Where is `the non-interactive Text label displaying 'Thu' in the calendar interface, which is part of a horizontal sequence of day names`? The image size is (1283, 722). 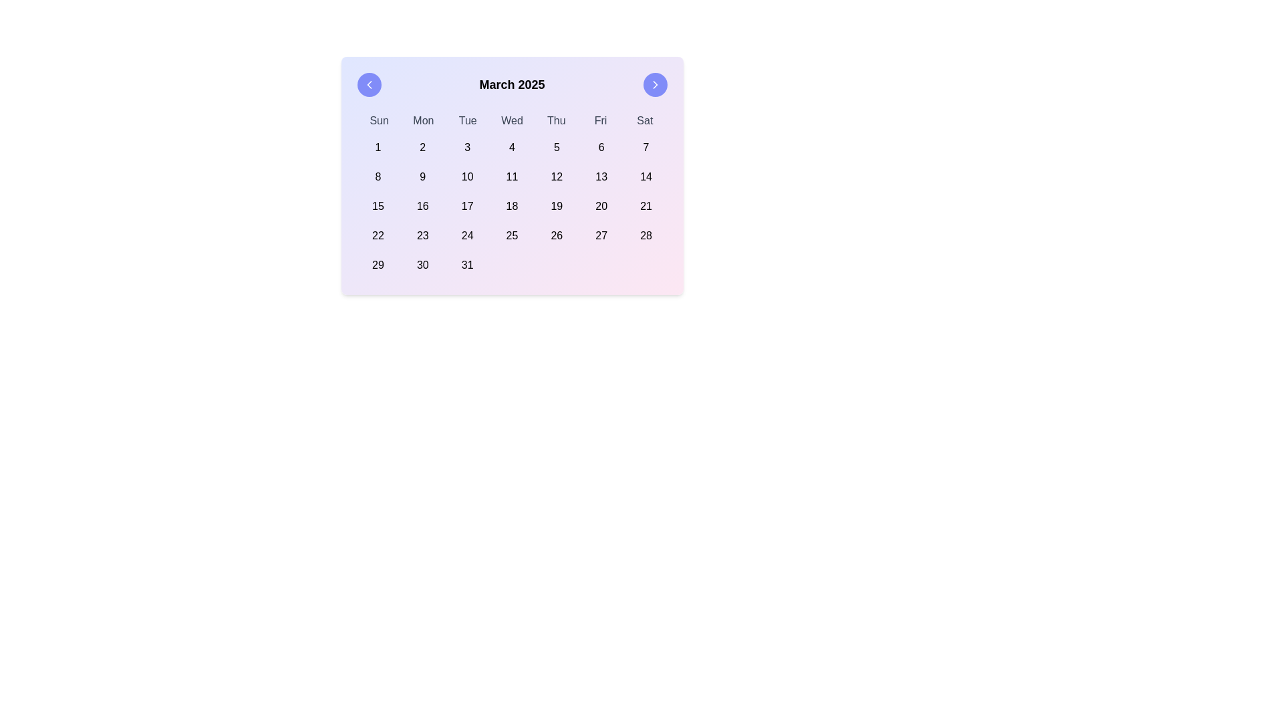 the non-interactive Text label displaying 'Thu' in the calendar interface, which is part of a horizontal sequence of day names is located at coordinates (556, 121).